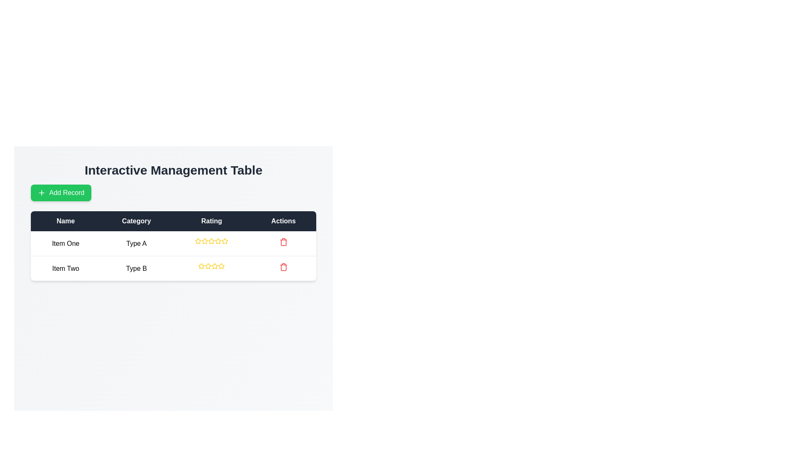 The image size is (801, 450). Describe the element at coordinates (60, 192) in the screenshot. I see `the green 'Add Record' button with a white '+' icon` at that location.